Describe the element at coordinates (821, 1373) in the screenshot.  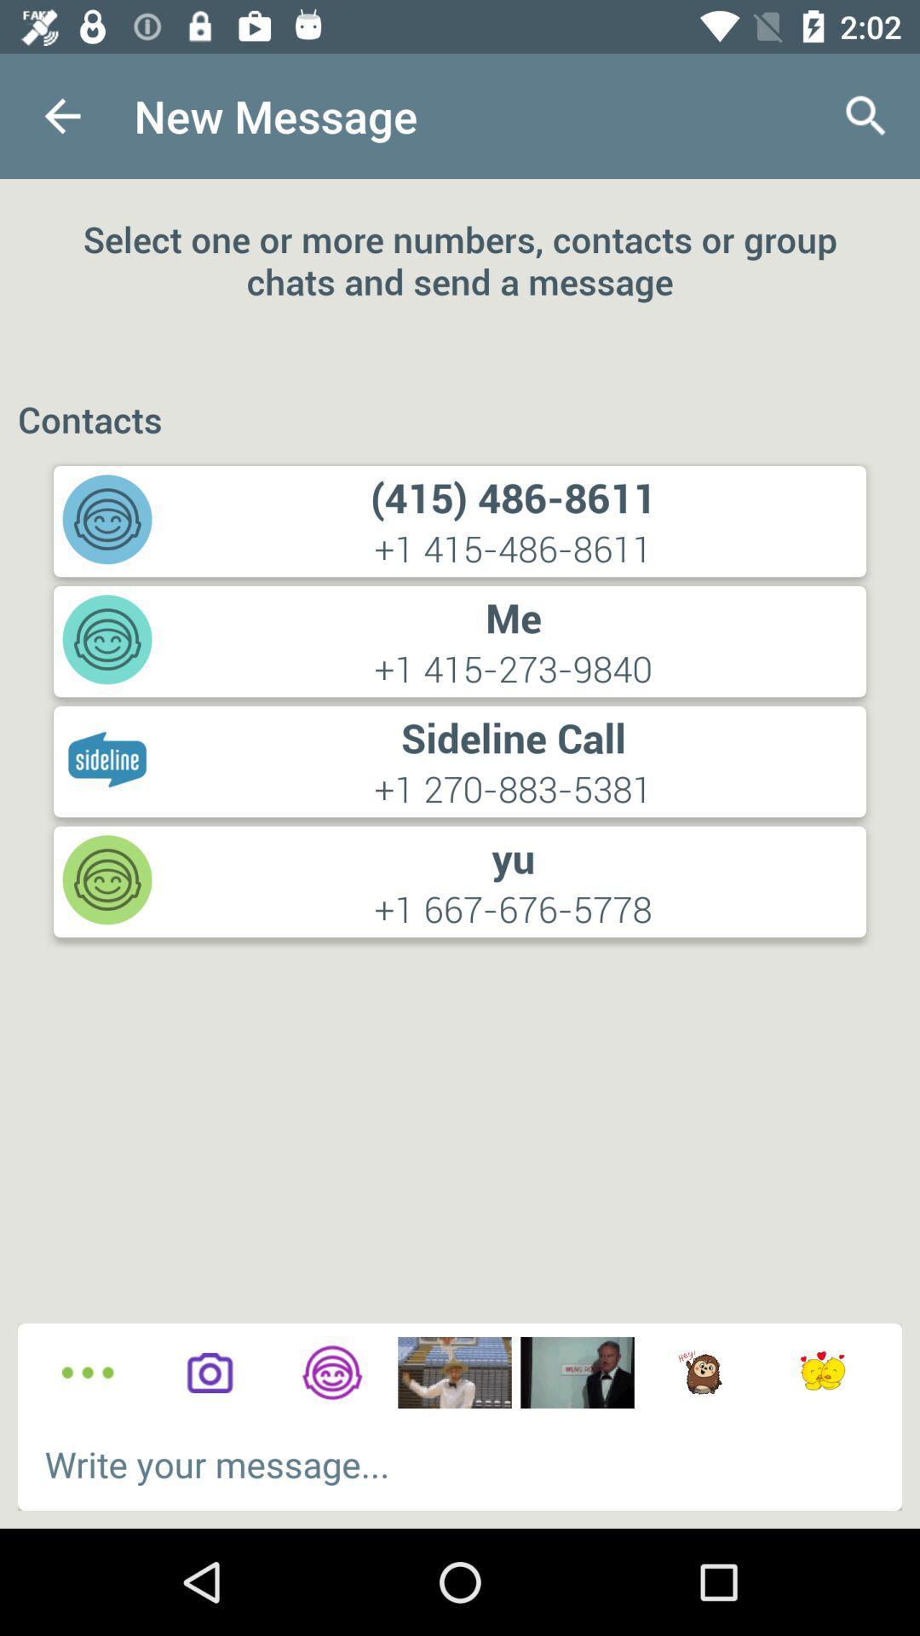
I see `send emoji` at that location.